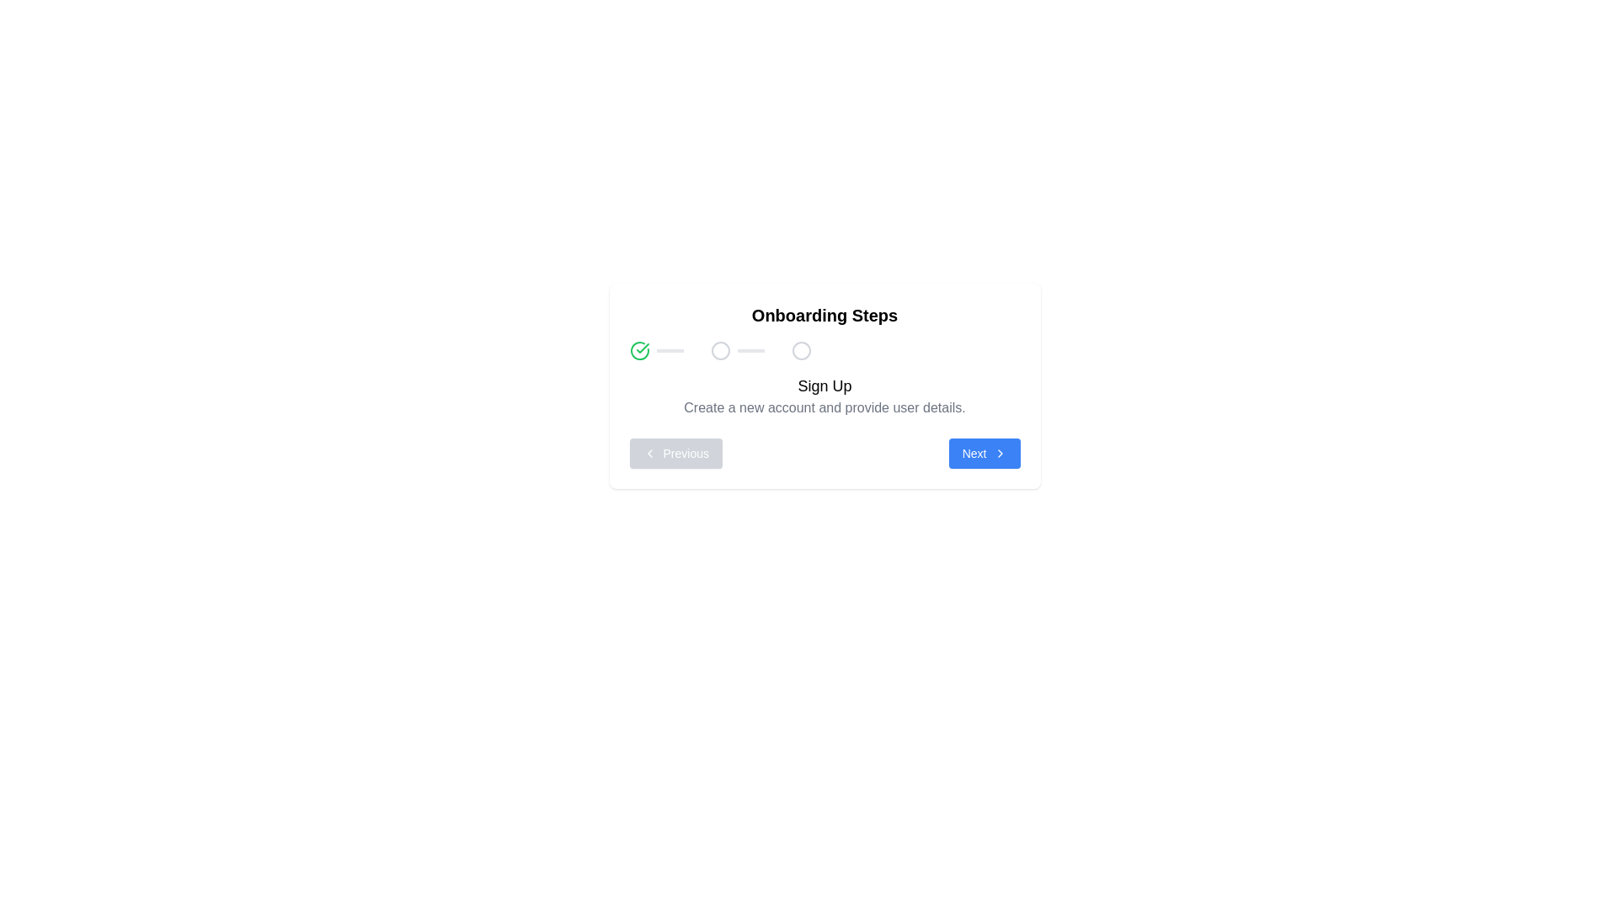  Describe the element at coordinates (720, 349) in the screenshot. I see `the SVG circle element that represents the second step indicator in the onboarding progress tracker` at that location.